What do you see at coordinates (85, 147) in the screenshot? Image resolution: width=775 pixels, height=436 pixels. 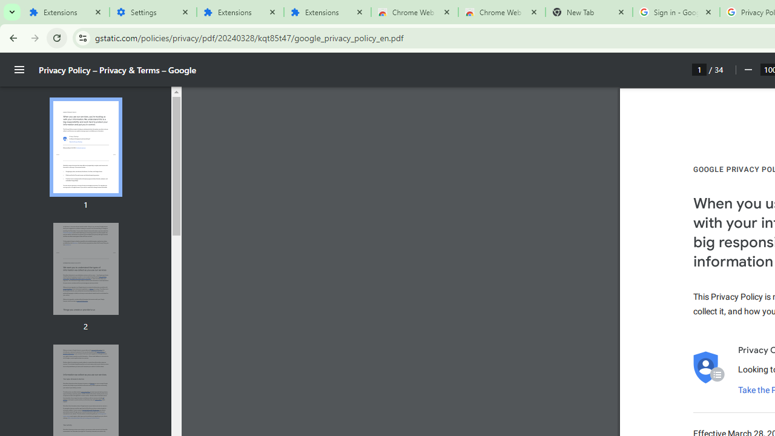 I see `'Thumbnail for page 1'` at bounding box center [85, 147].